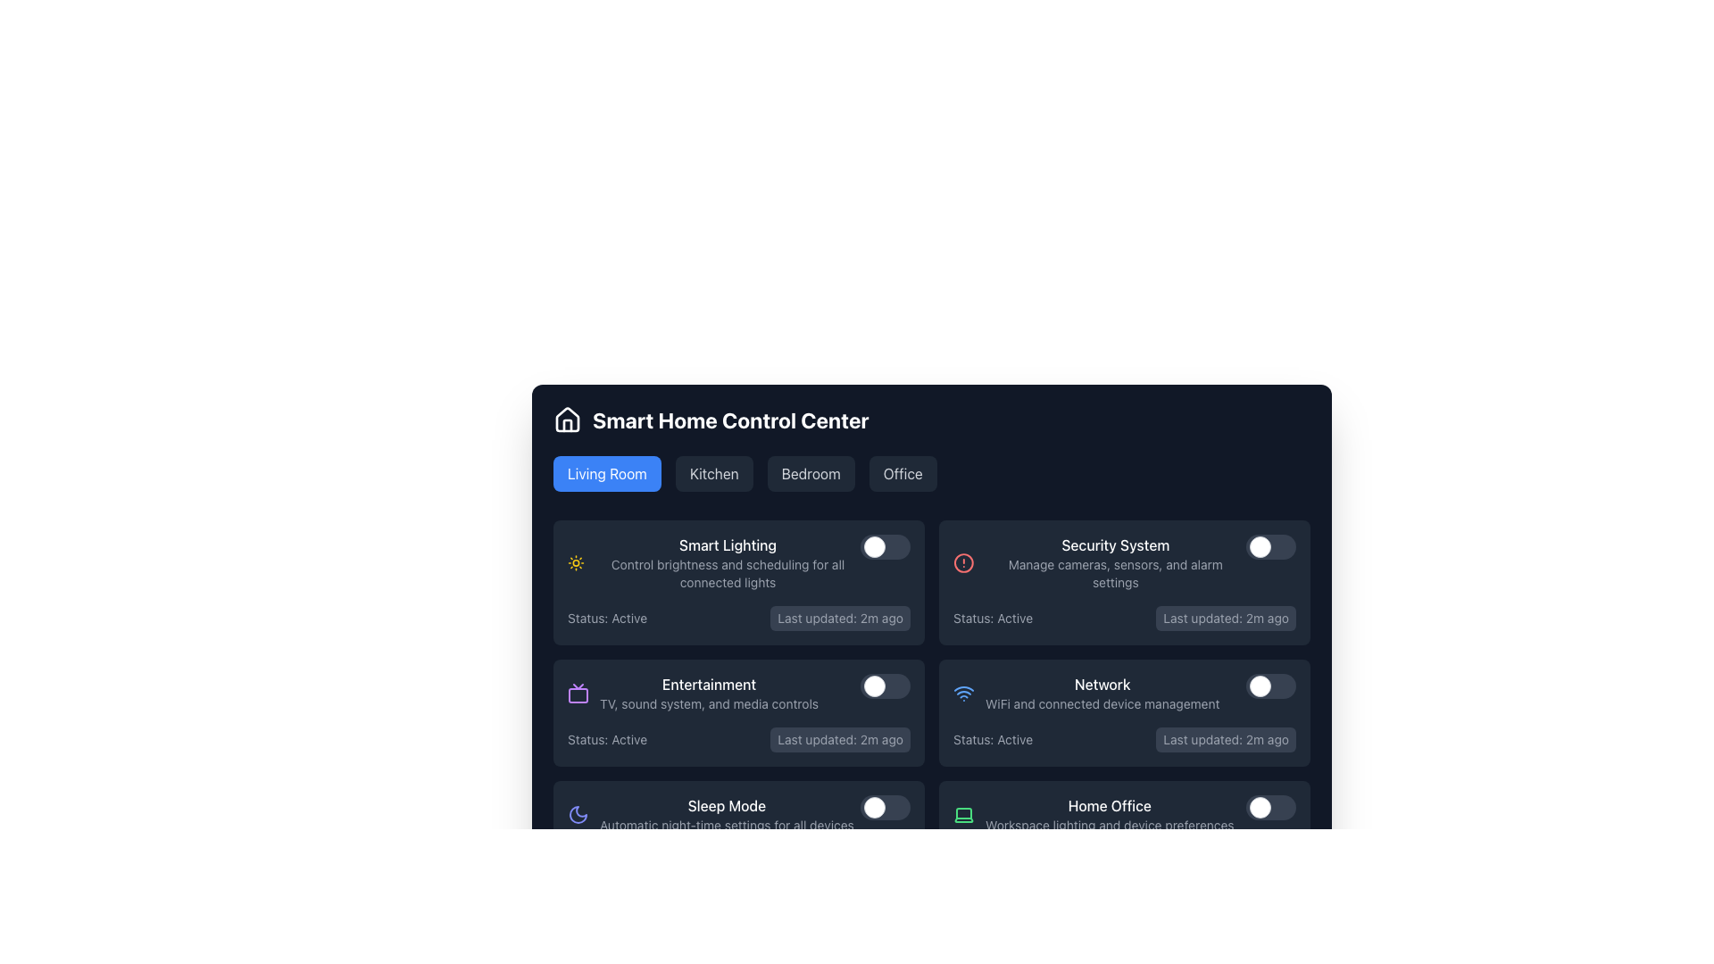 This screenshot has height=964, width=1714. What do you see at coordinates (710, 815) in the screenshot?
I see `the 'Sleep Mode' Text and Icon Group, which features a crescent moon icon and provides automatic night-time settings for all devices` at bounding box center [710, 815].